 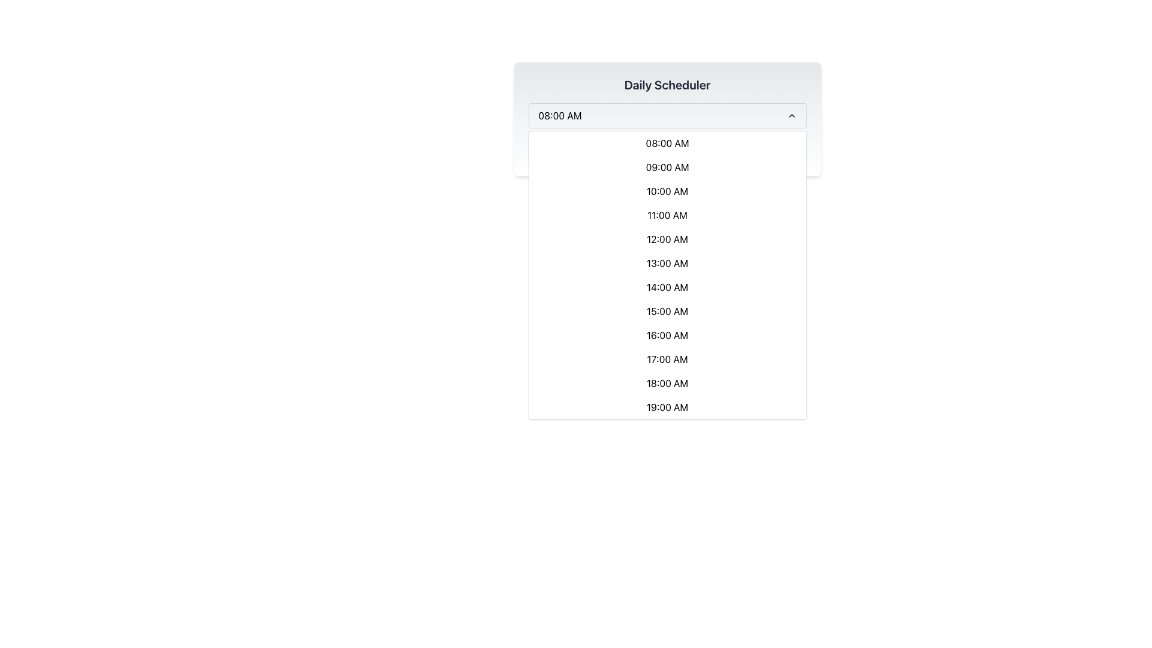 What do you see at coordinates (667, 191) in the screenshot?
I see `the List Item element displaying '10:00 AM'` at bounding box center [667, 191].